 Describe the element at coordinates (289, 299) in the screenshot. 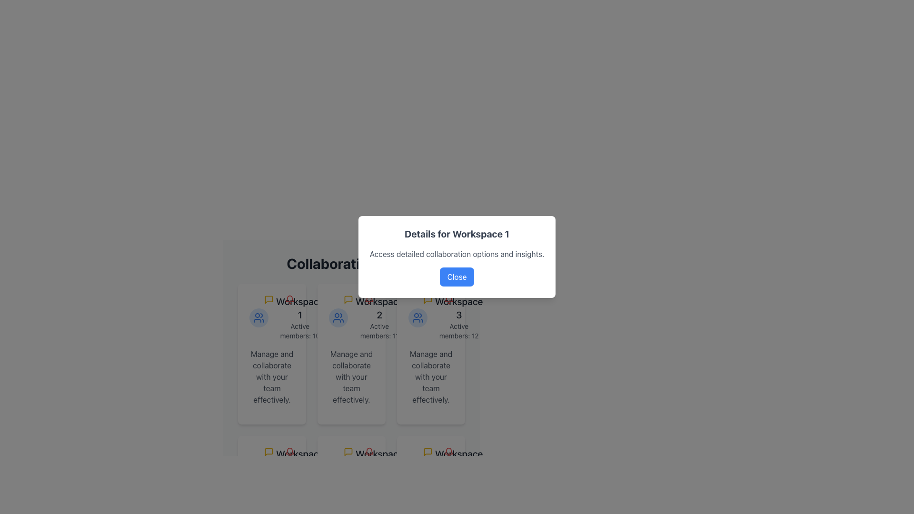

I see `the notification bell icon located at the top-right corner of the 'Workspace 1' card, which is styled with clean and modern lines and has a circular base` at that location.